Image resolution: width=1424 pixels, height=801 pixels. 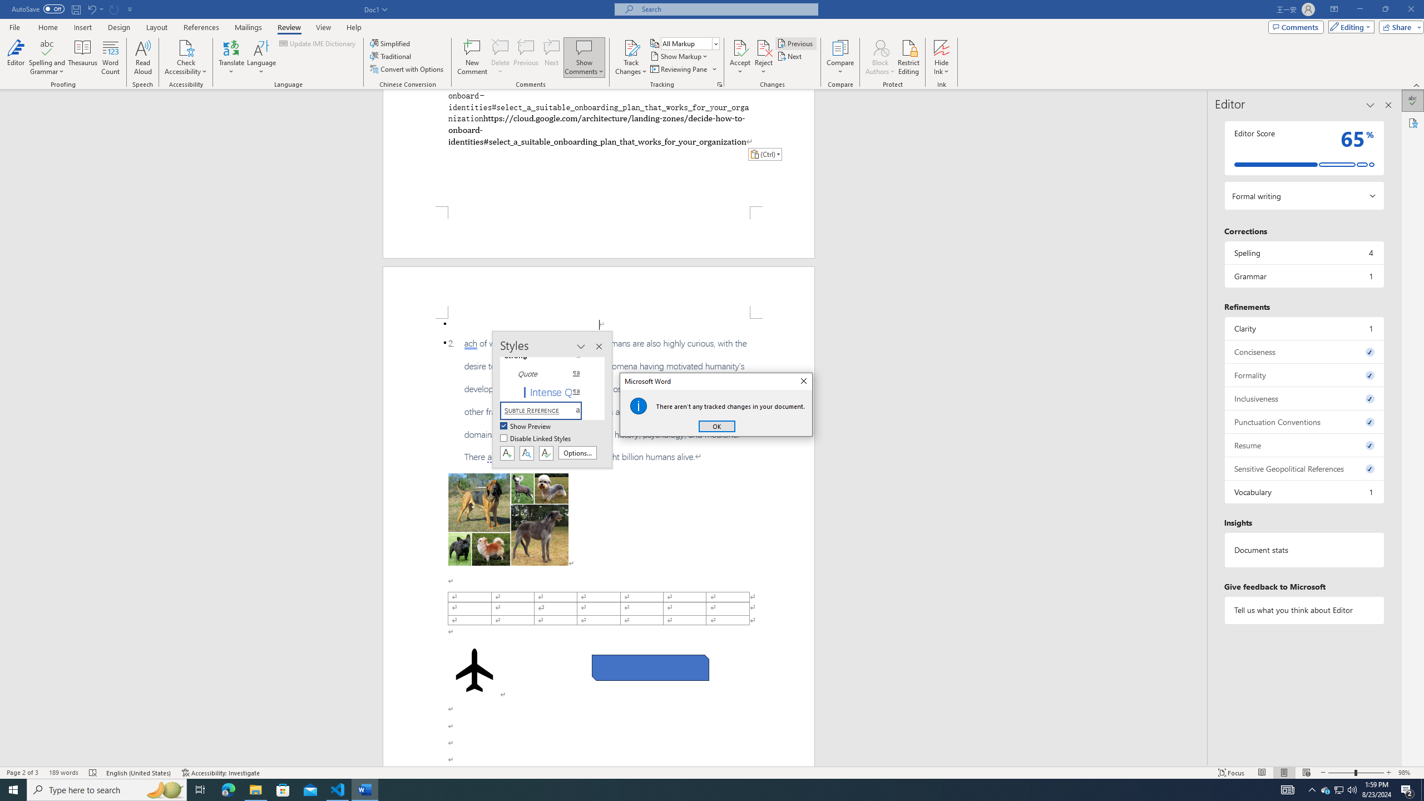 I want to click on 'Action: Paste alternatives', so click(x=764, y=154).